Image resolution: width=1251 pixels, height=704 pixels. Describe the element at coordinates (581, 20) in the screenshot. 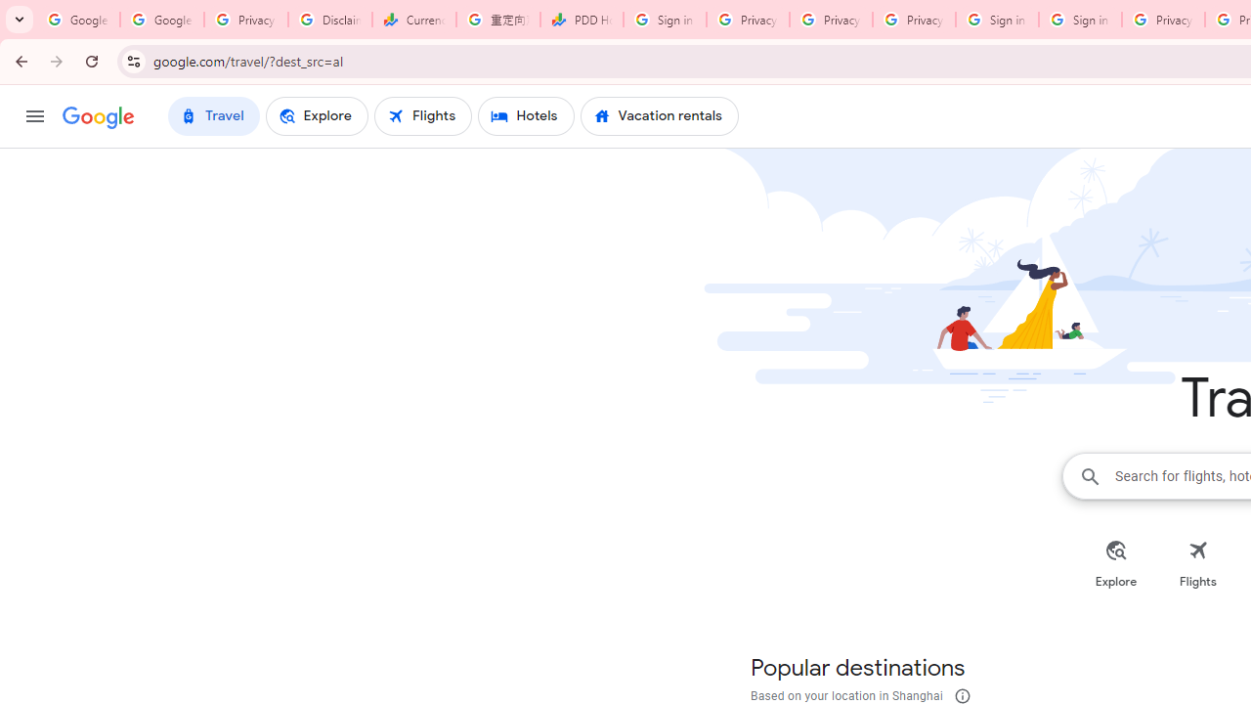

I see `'PDD Holdings Inc - ADR (PDD) Price & News - Google Finance'` at that location.